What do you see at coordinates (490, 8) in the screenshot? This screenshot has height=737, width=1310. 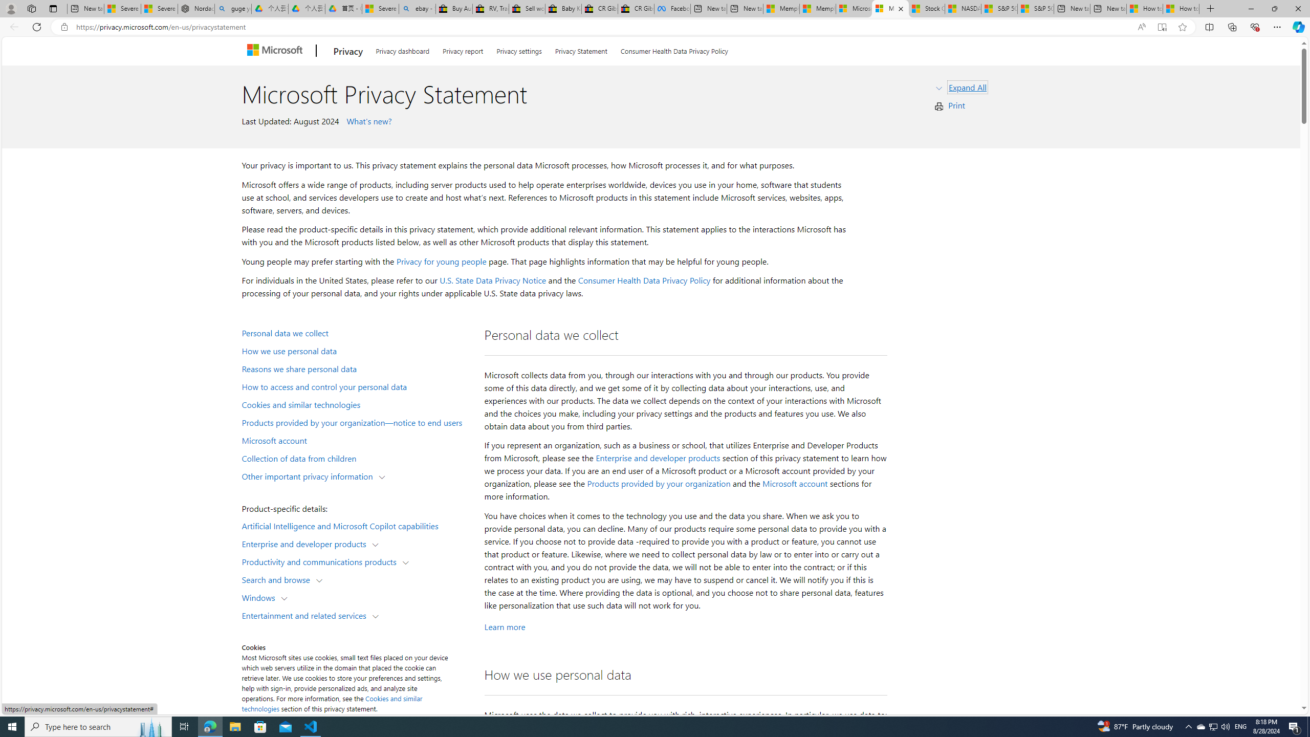 I see `'RV, Trailer & Camper Steps & Ladders for sale | eBay'` at bounding box center [490, 8].